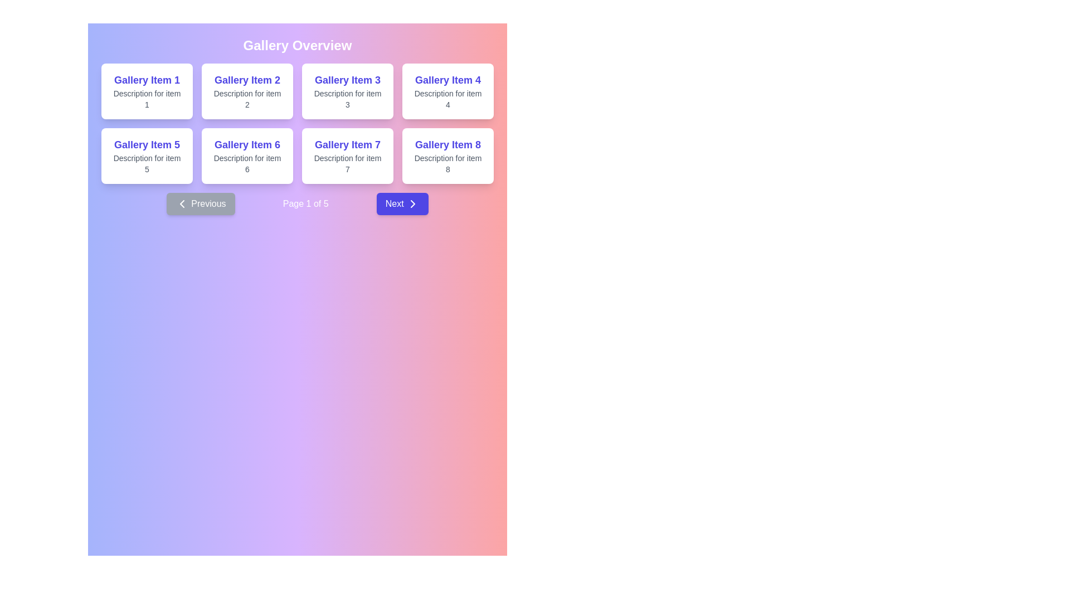 This screenshot has width=1070, height=602. What do you see at coordinates (147, 163) in the screenshot?
I see `text from the second text line within the card labeled 'Gallery Item 5', which displays 'Description for item 5'` at bounding box center [147, 163].